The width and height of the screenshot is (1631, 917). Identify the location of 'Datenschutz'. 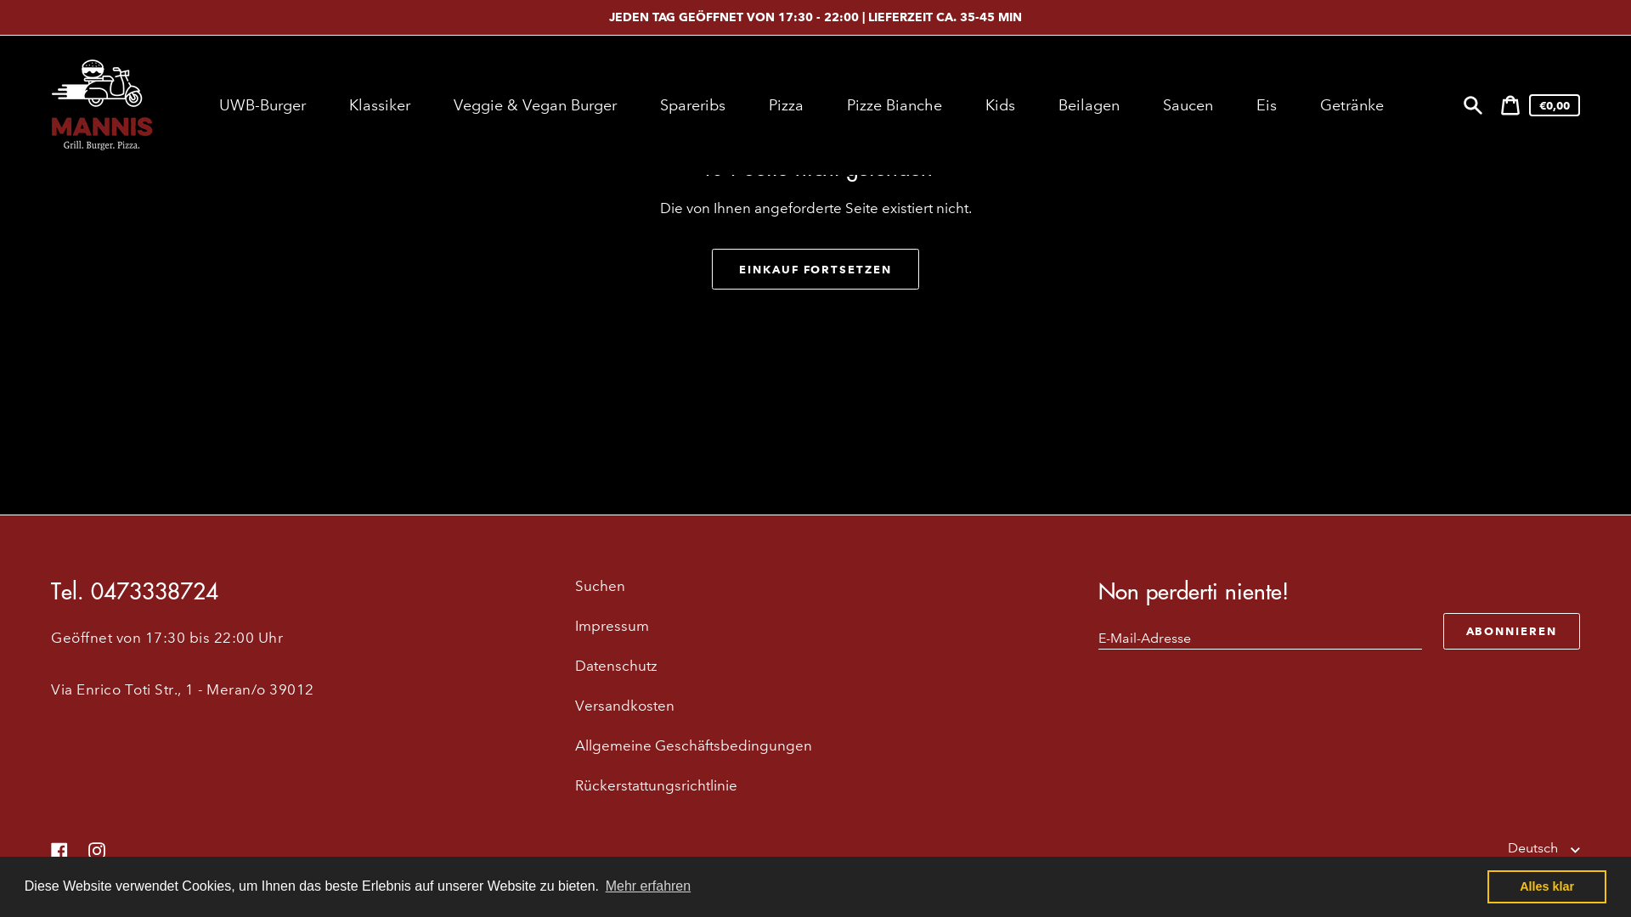
(615, 665).